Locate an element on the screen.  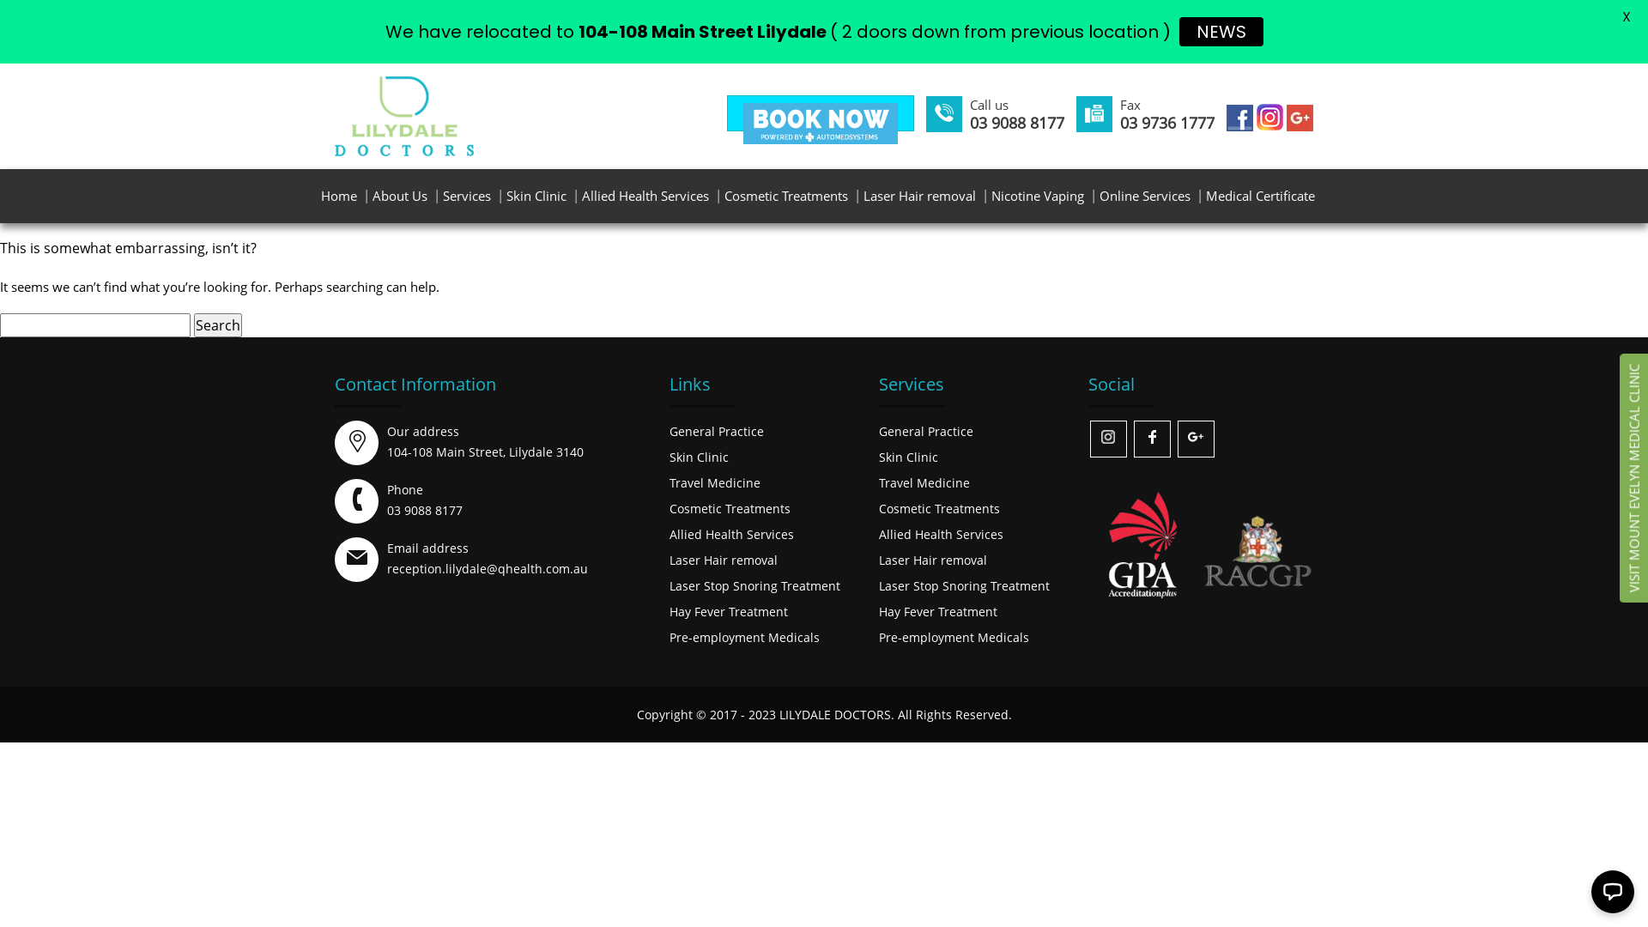
'Search' is located at coordinates (217, 324).